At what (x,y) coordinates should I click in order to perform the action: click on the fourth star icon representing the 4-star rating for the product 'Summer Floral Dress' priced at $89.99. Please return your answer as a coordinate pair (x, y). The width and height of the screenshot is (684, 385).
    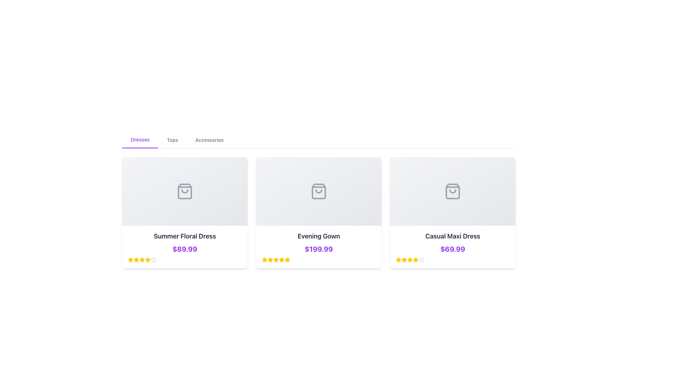
    Looking at the image, I should click on (153, 260).